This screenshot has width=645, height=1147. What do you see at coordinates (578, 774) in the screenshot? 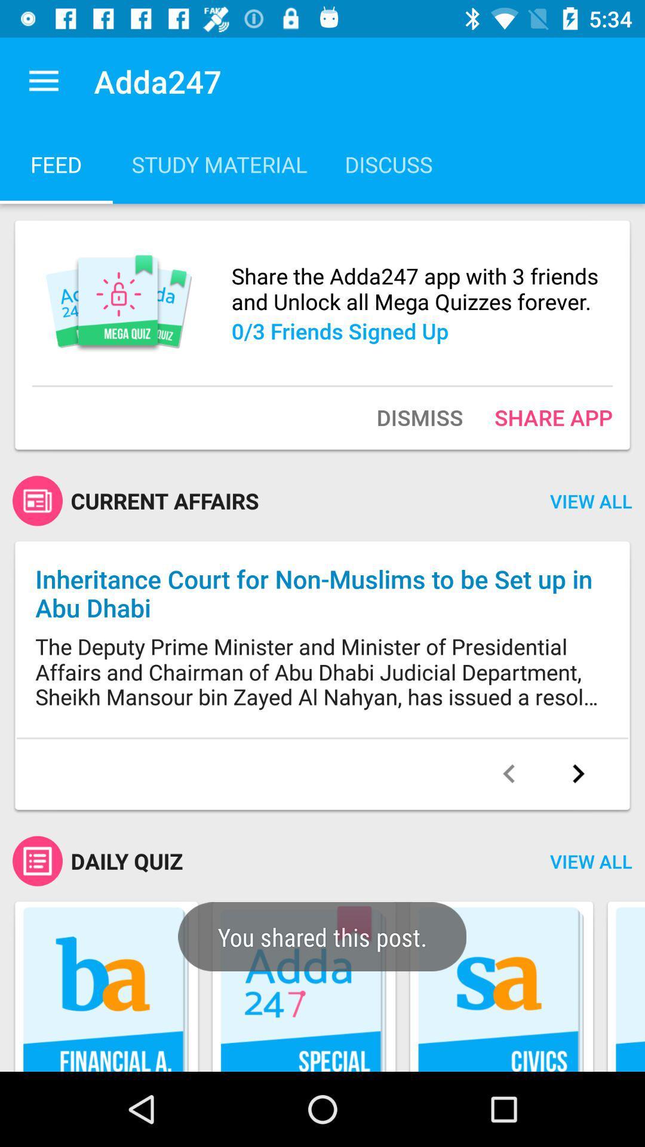
I see `forward` at bounding box center [578, 774].